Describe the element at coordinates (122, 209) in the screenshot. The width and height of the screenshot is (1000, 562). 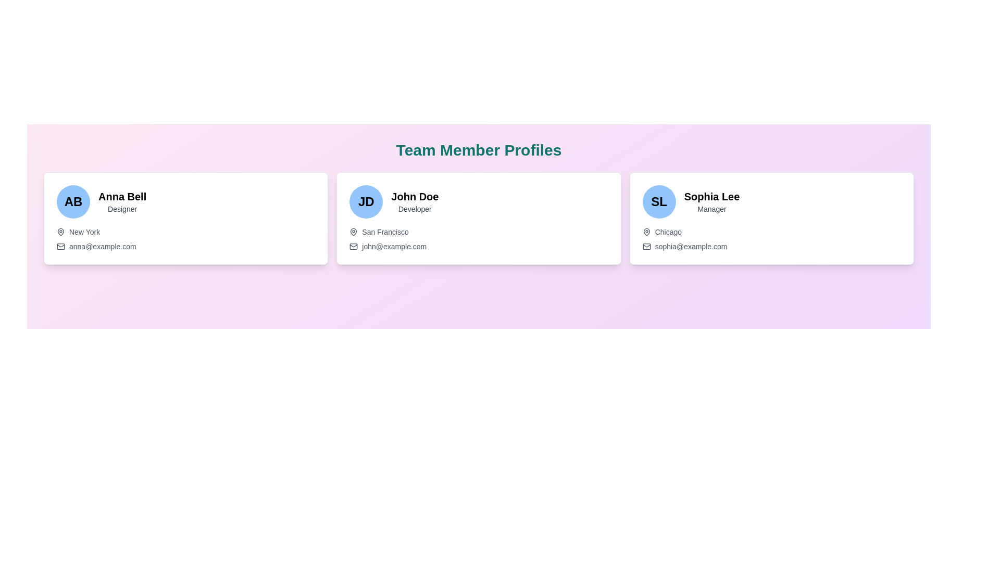
I see `text displayed in the 'Designer' text label located below the 'Anna Bell' text within the profile card` at that location.